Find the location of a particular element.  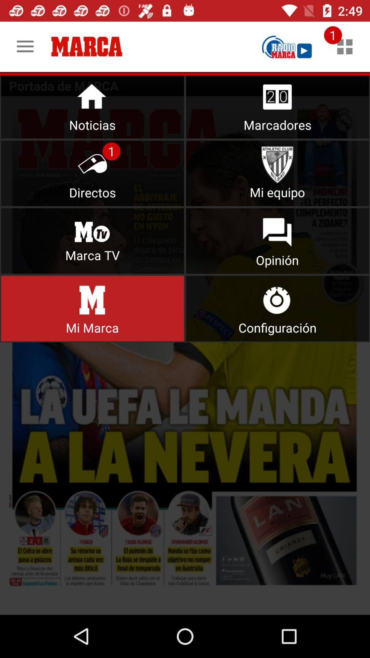

mi marca selection is located at coordinates (92, 308).